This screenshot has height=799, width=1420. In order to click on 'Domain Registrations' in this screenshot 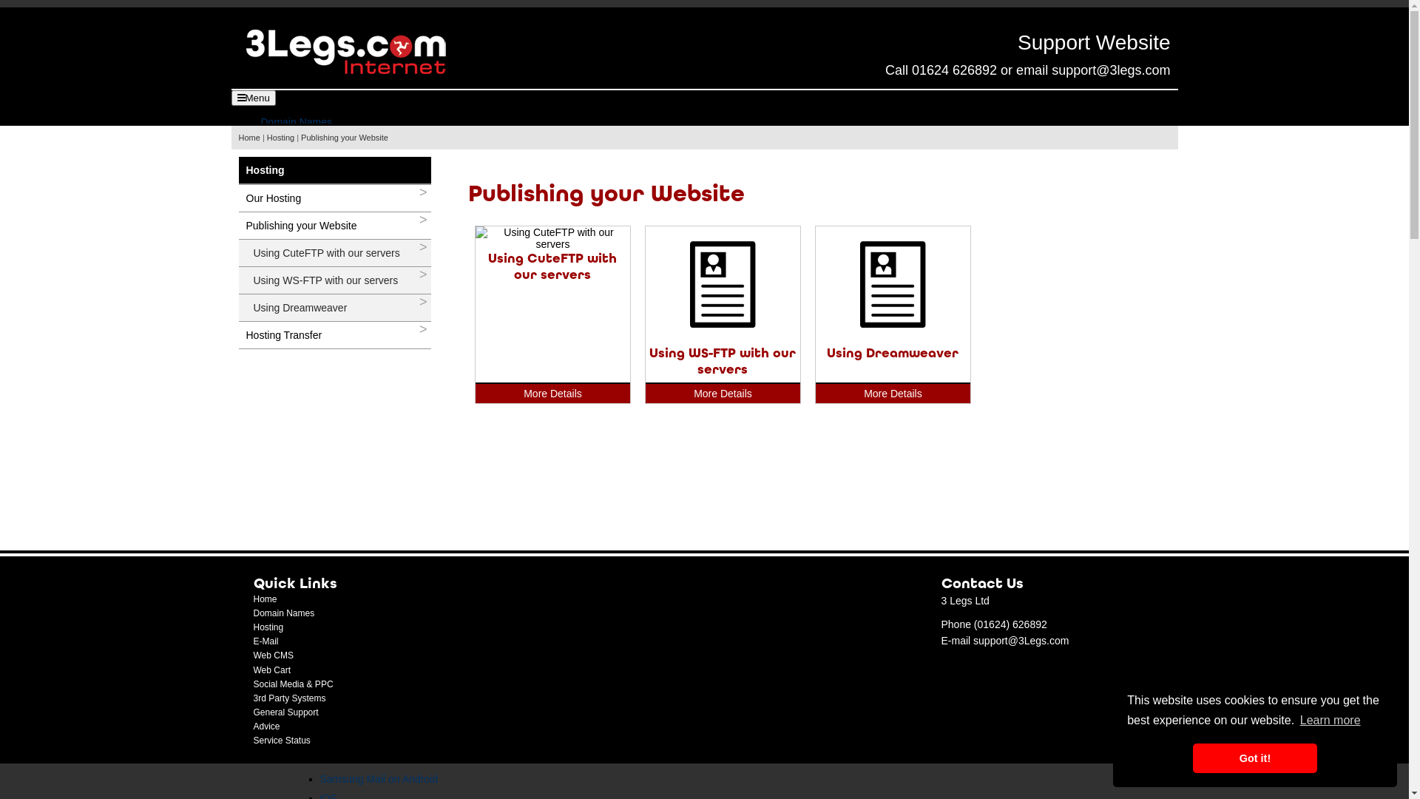, I will do `click(339, 134)`.